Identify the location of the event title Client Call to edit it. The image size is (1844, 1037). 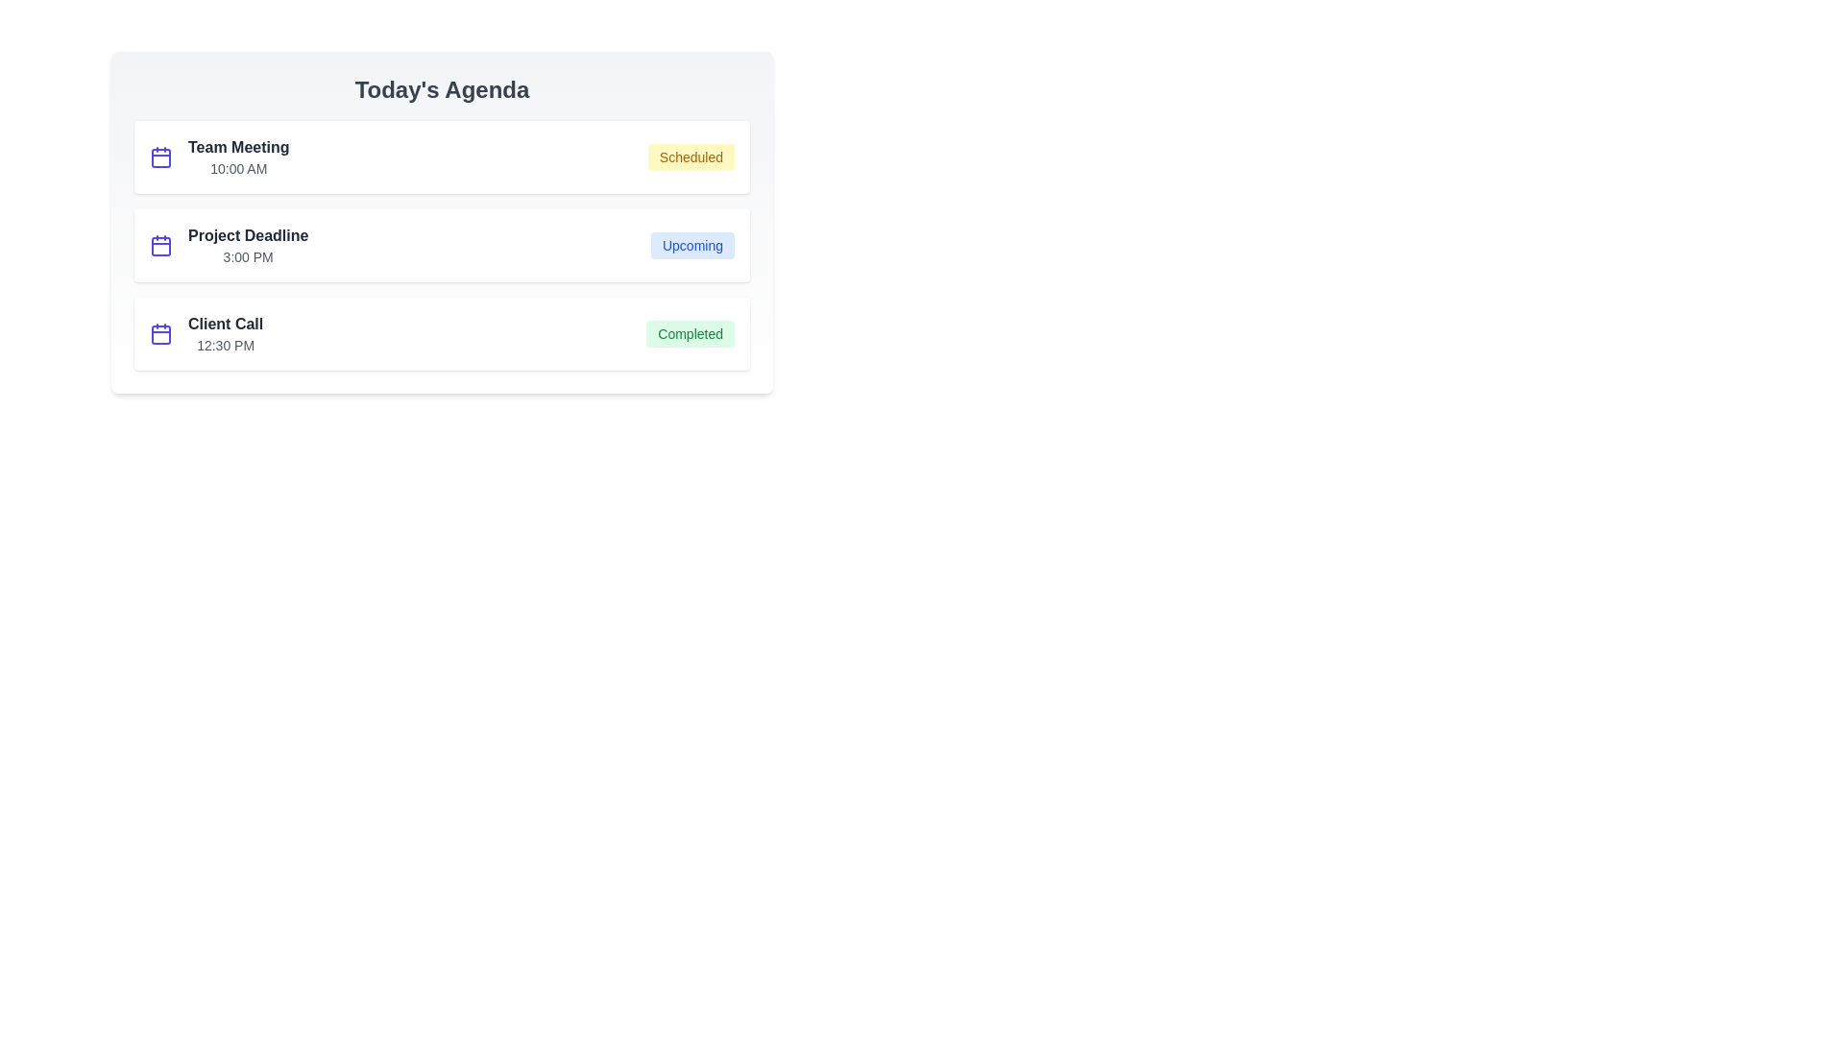
(226, 324).